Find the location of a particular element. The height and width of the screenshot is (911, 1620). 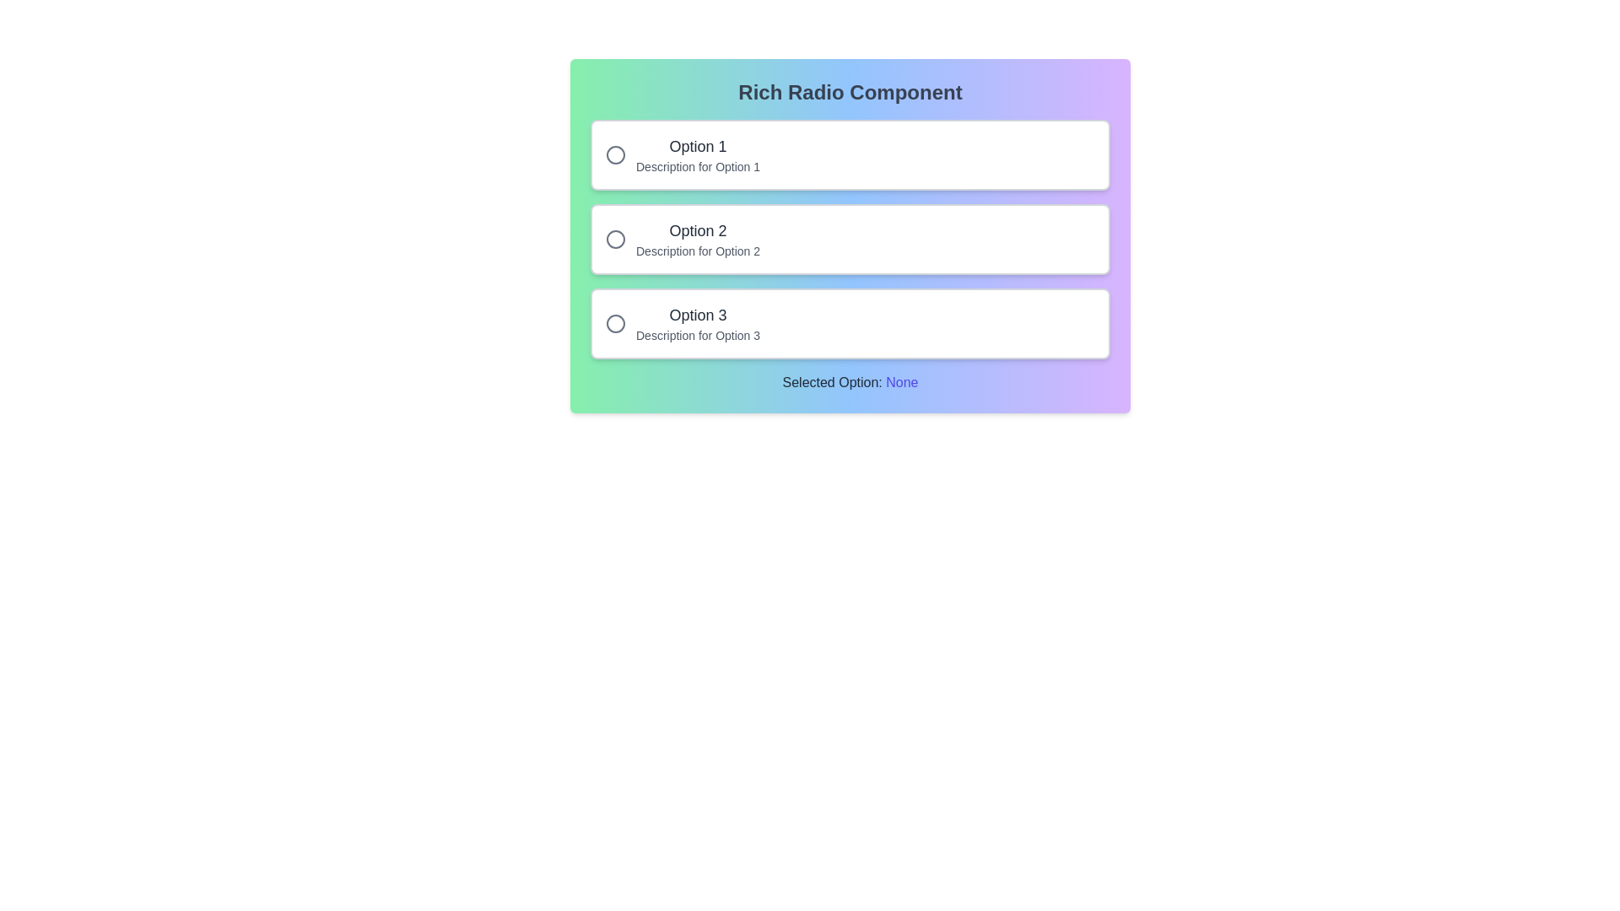

the interactive radio button group component by is located at coordinates (850, 236).